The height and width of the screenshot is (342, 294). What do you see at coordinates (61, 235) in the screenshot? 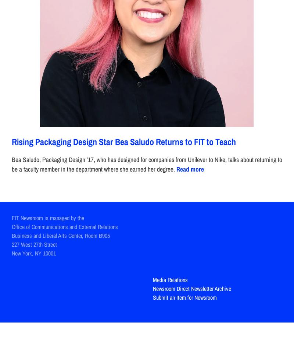
I see `'Business and Liberal Arts Center, Room B905'` at bounding box center [61, 235].